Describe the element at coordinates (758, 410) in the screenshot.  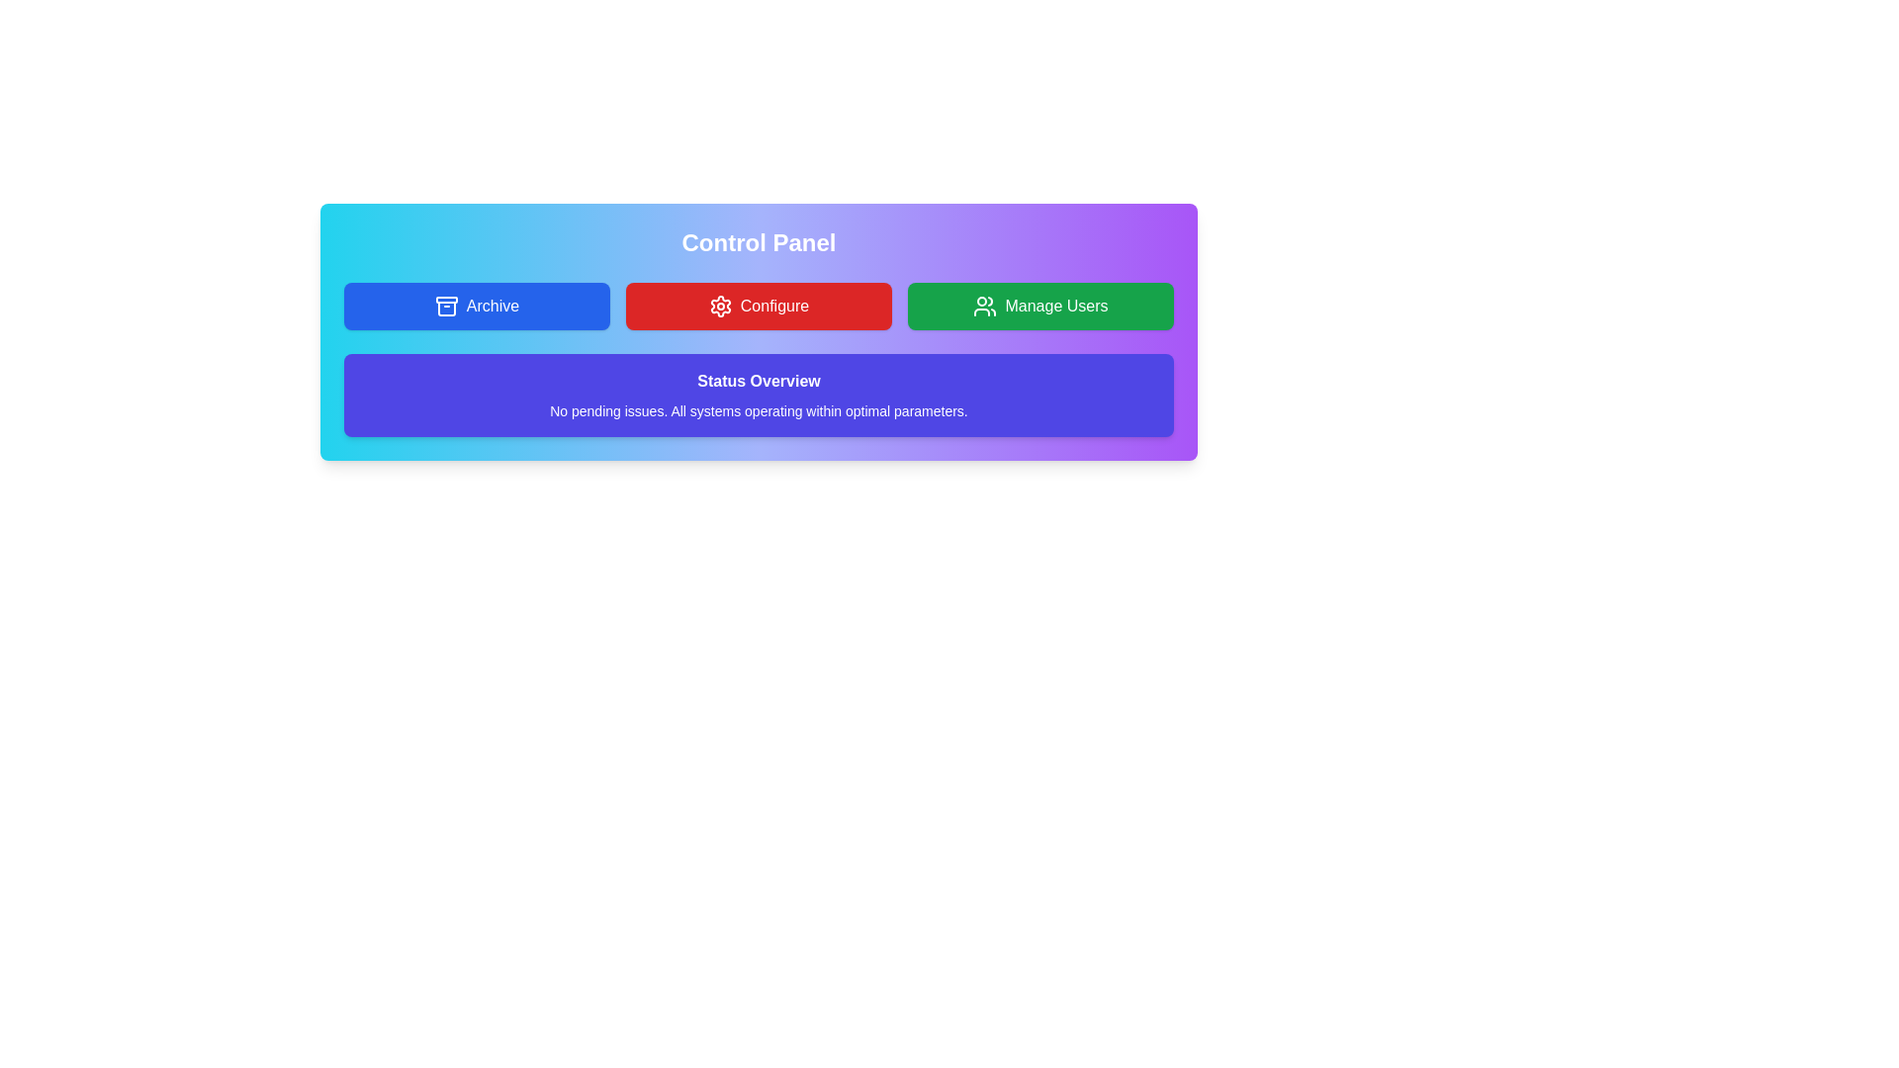
I see `the Text Label displaying 'No pending issues. All systems operating within optimal parameters.' located beneath the header 'Status Overview'` at that location.